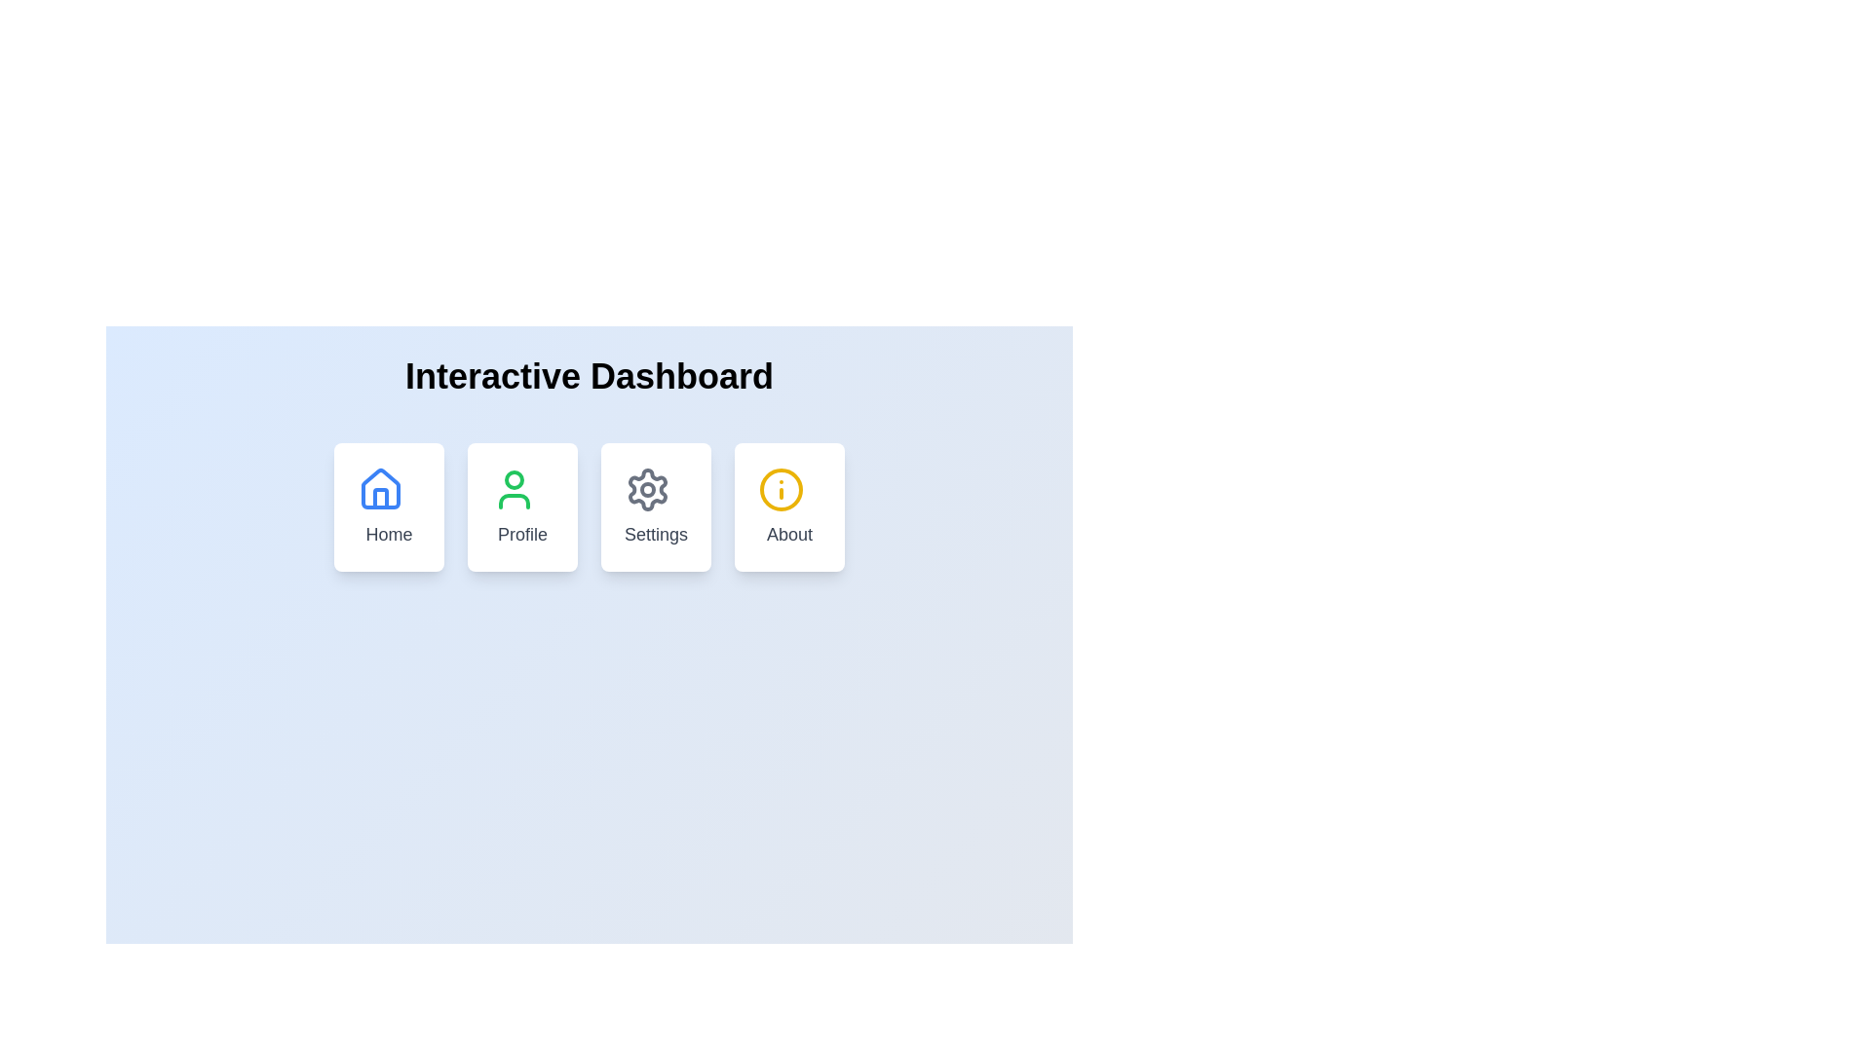 This screenshot has width=1871, height=1052. What do you see at coordinates (522, 534) in the screenshot?
I see `the text label indicating the purpose of the 'Profile' card, located in the bottom-center section of the second card from the left` at bounding box center [522, 534].